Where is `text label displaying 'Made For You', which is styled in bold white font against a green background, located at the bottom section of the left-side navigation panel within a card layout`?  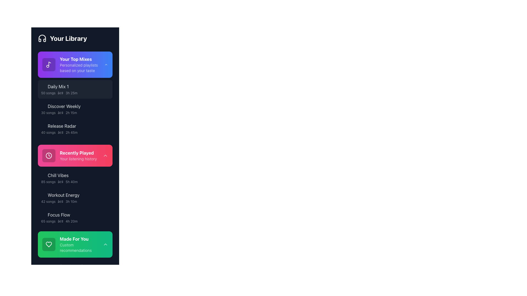 text label displaying 'Made For You', which is styled in bold white font against a green background, located at the bottom section of the left-side navigation panel within a card layout is located at coordinates (81, 238).